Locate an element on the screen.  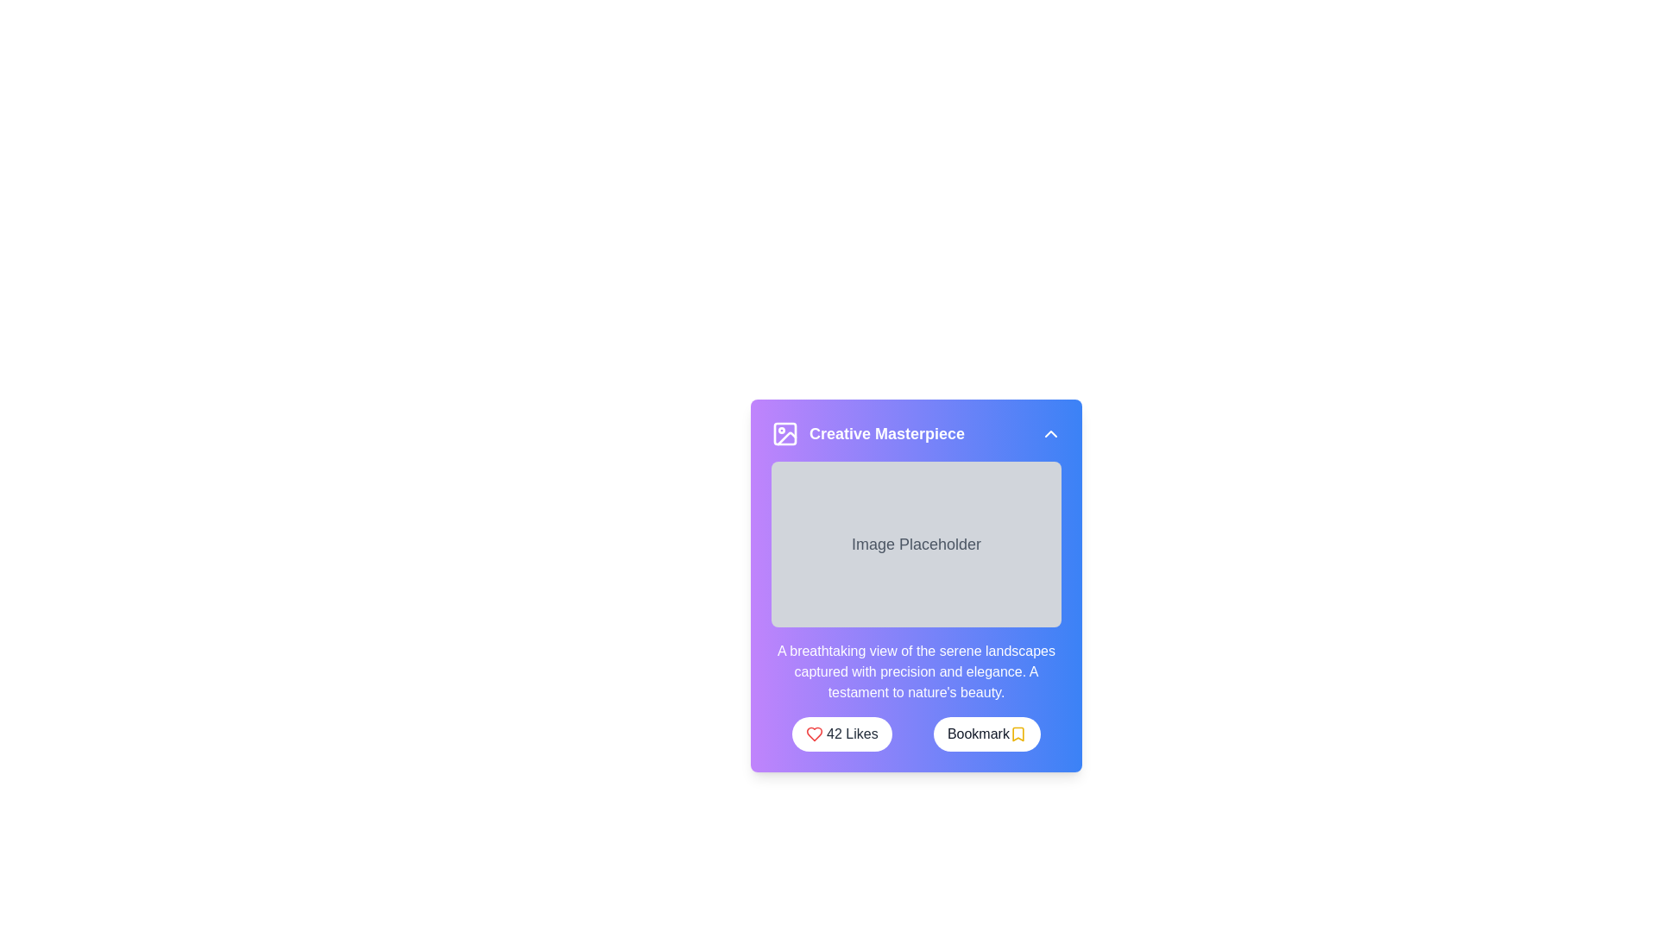
the Decorative Shape located in the upper-left corner of the 'Creative Masterpiece' button if it is interactive is located at coordinates (784, 432).